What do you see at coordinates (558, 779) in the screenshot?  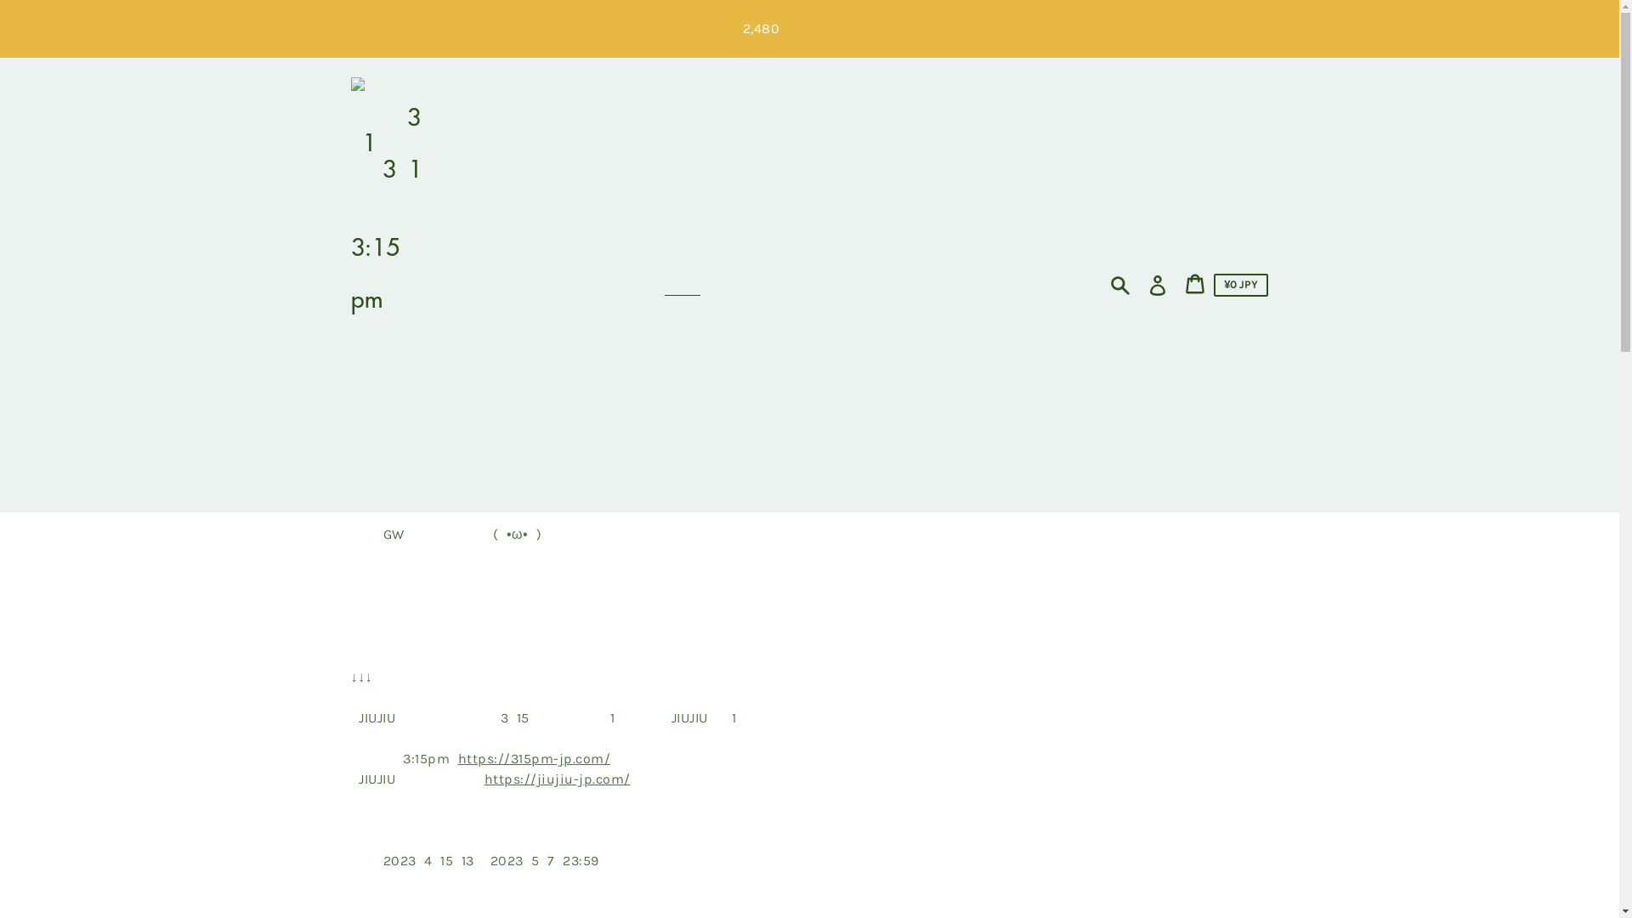 I see `'https://jiujiu-jp.com/'` at bounding box center [558, 779].